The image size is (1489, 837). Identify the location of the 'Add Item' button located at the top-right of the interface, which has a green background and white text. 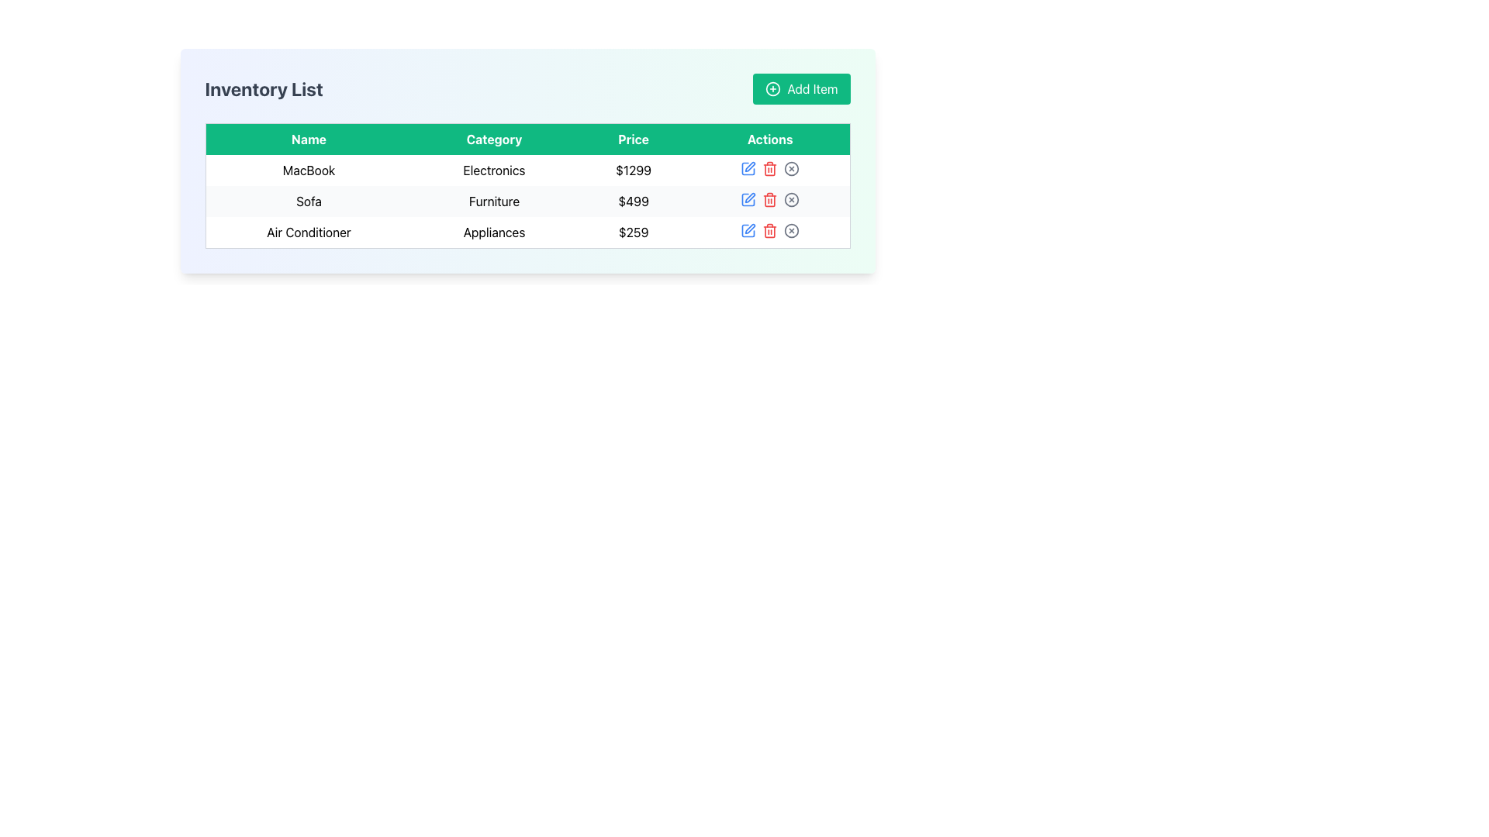
(801, 89).